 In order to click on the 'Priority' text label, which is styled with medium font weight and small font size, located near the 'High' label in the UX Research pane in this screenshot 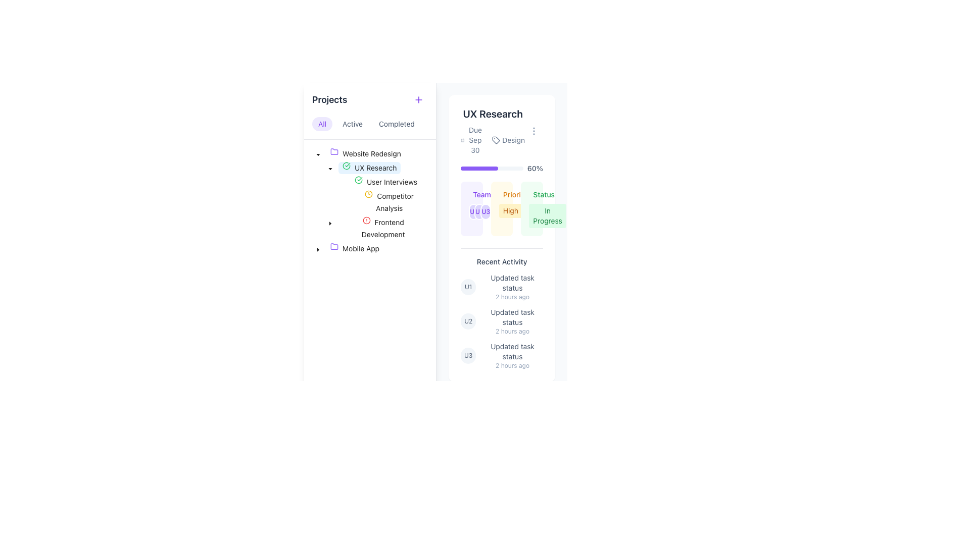, I will do `click(515, 194)`.